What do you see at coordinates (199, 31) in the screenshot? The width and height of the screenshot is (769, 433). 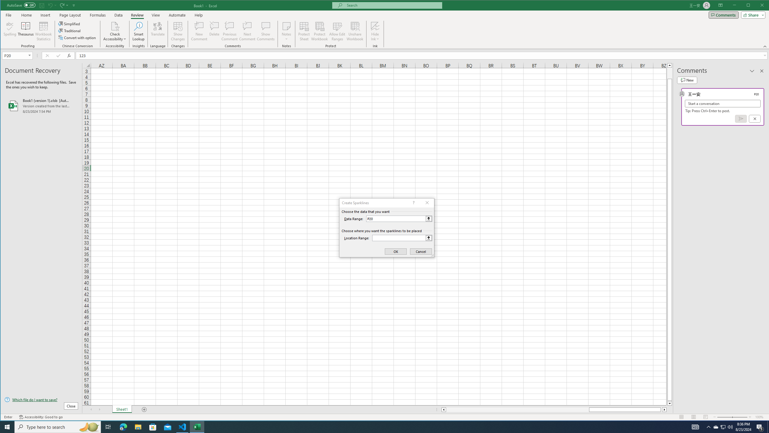 I see `'New Comment'` at bounding box center [199, 31].